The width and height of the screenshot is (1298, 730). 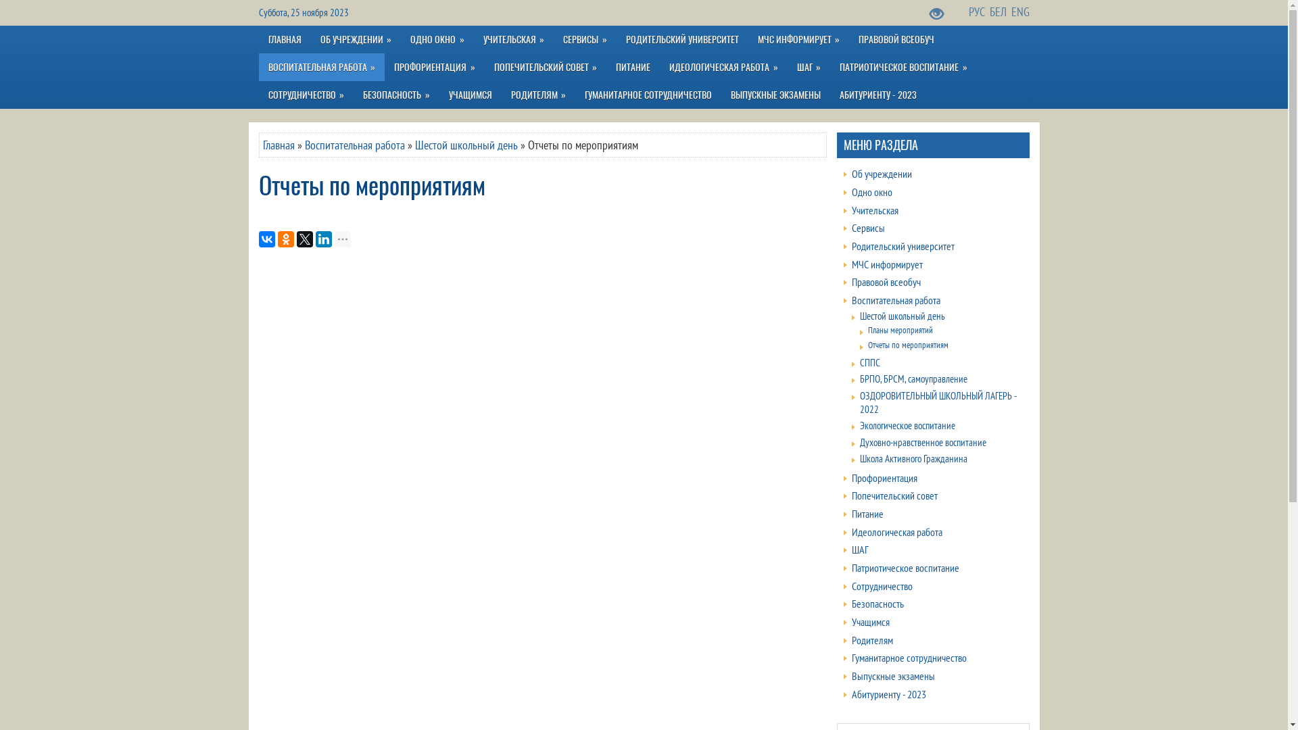 What do you see at coordinates (304, 239) in the screenshot?
I see `'Twitter'` at bounding box center [304, 239].